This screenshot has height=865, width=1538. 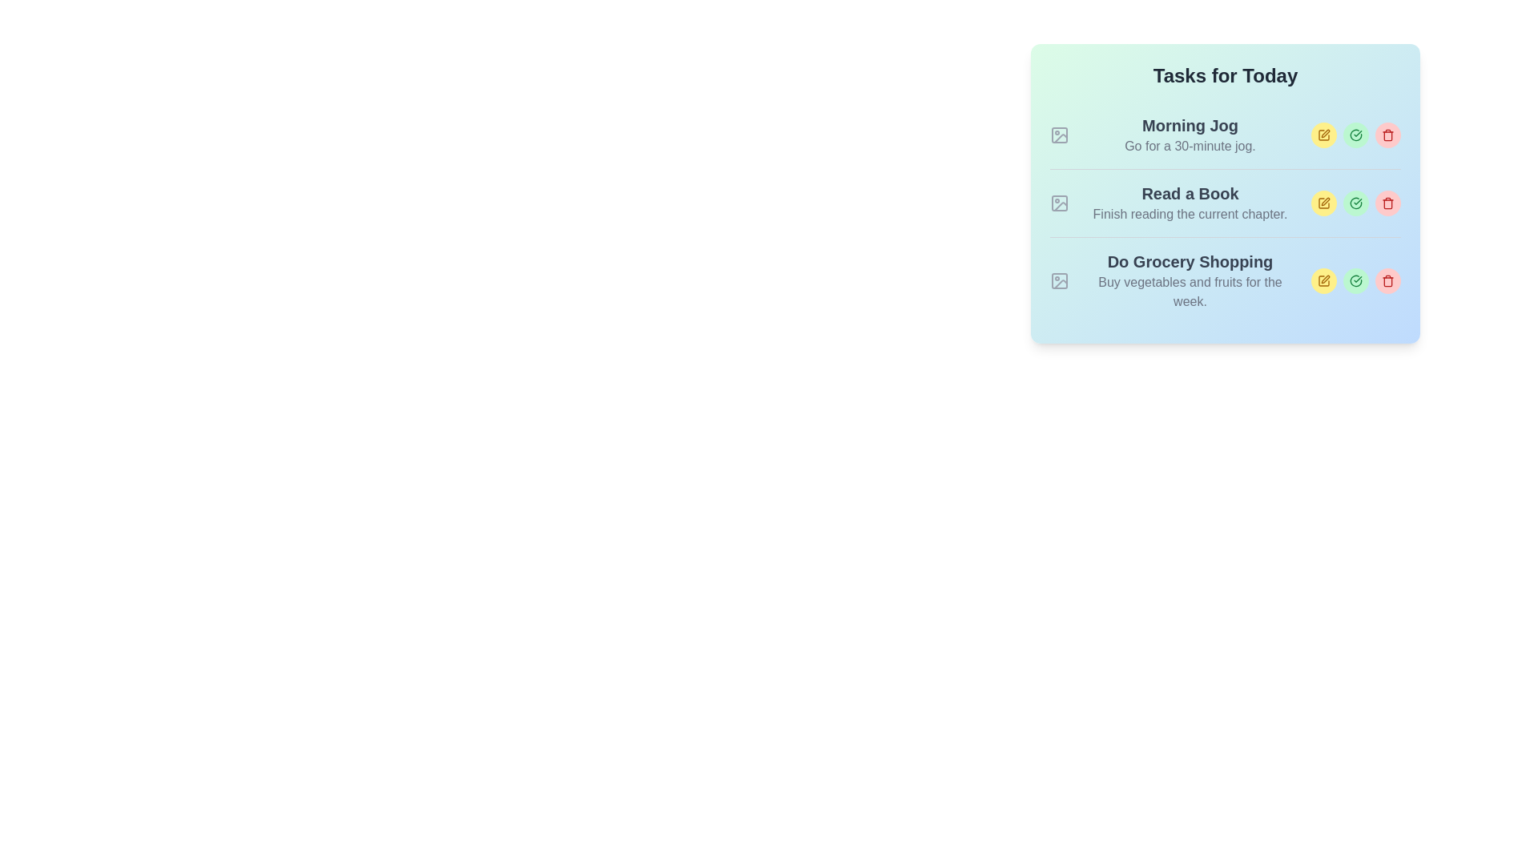 What do you see at coordinates (1323, 203) in the screenshot?
I see `the circular button with a pale yellow background and a pen icon` at bounding box center [1323, 203].